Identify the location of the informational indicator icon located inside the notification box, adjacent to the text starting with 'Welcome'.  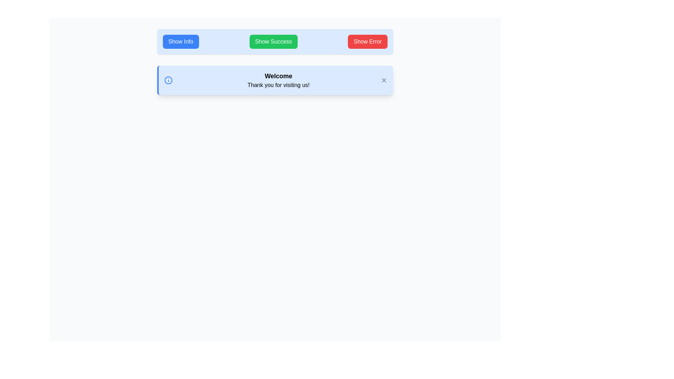
(168, 80).